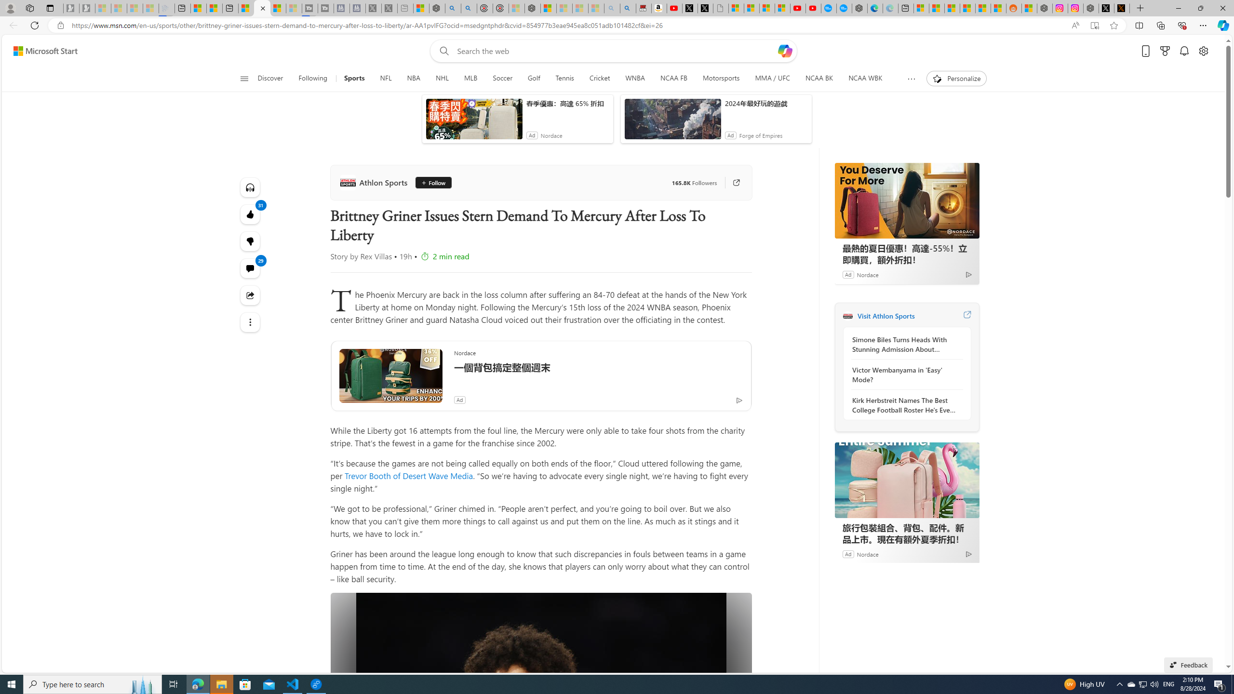 Image resolution: width=1234 pixels, height=694 pixels. What do you see at coordinates (314, 78) in the screenshot?
I see `'Following'` at bounding box center [314, 78].